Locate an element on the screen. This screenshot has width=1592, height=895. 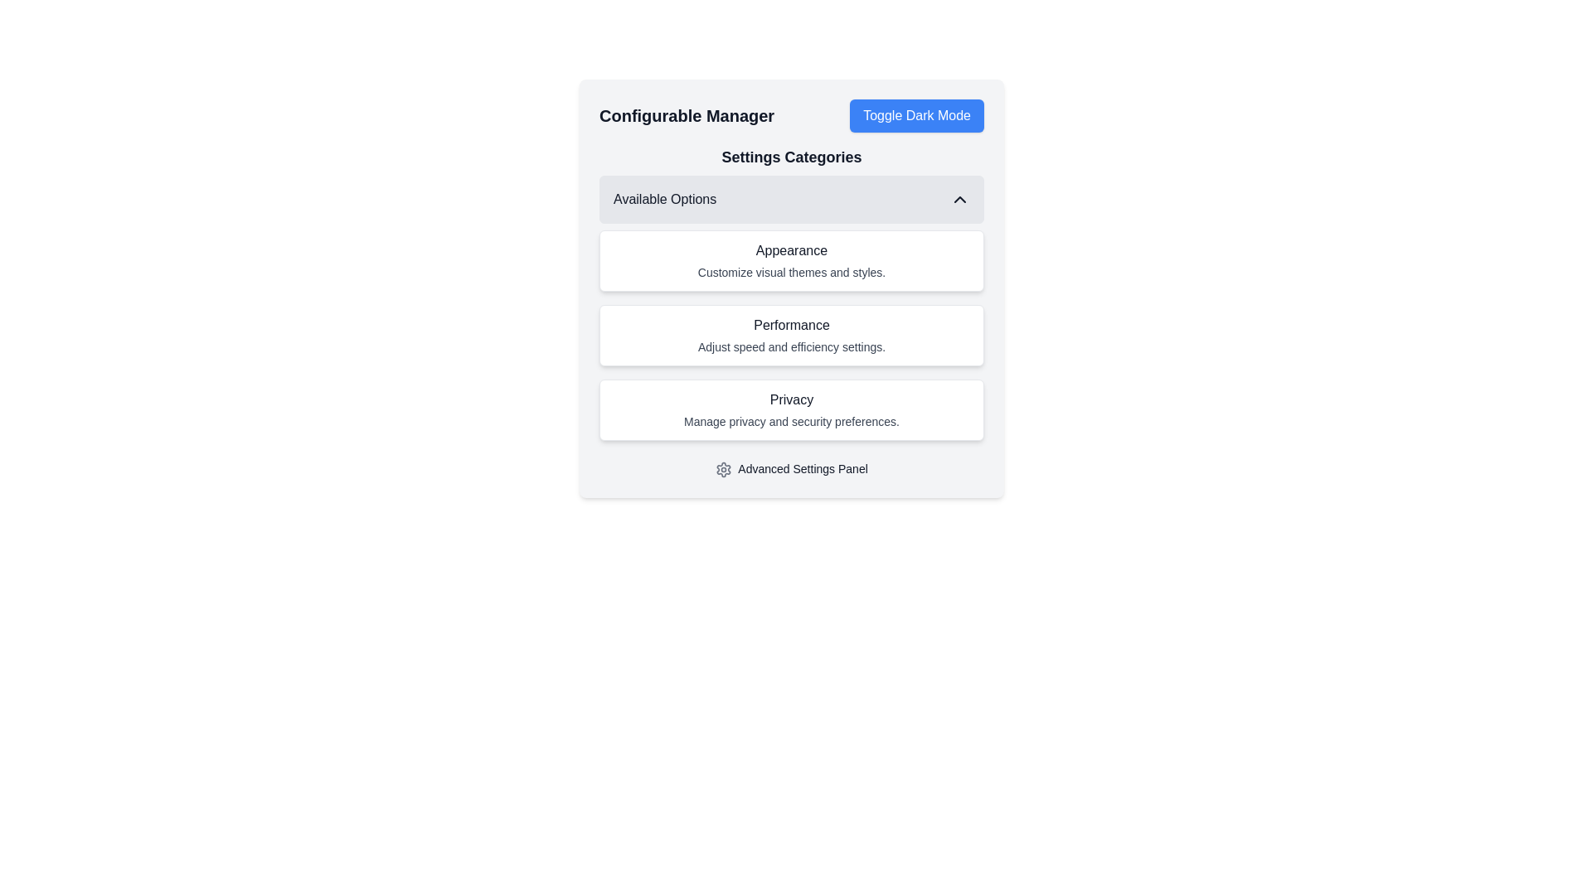
the Text Label positioned below the 'Configurable Manager' heading, which categorizes the content for 'Available Options.' is located at coordinates (791, 157).